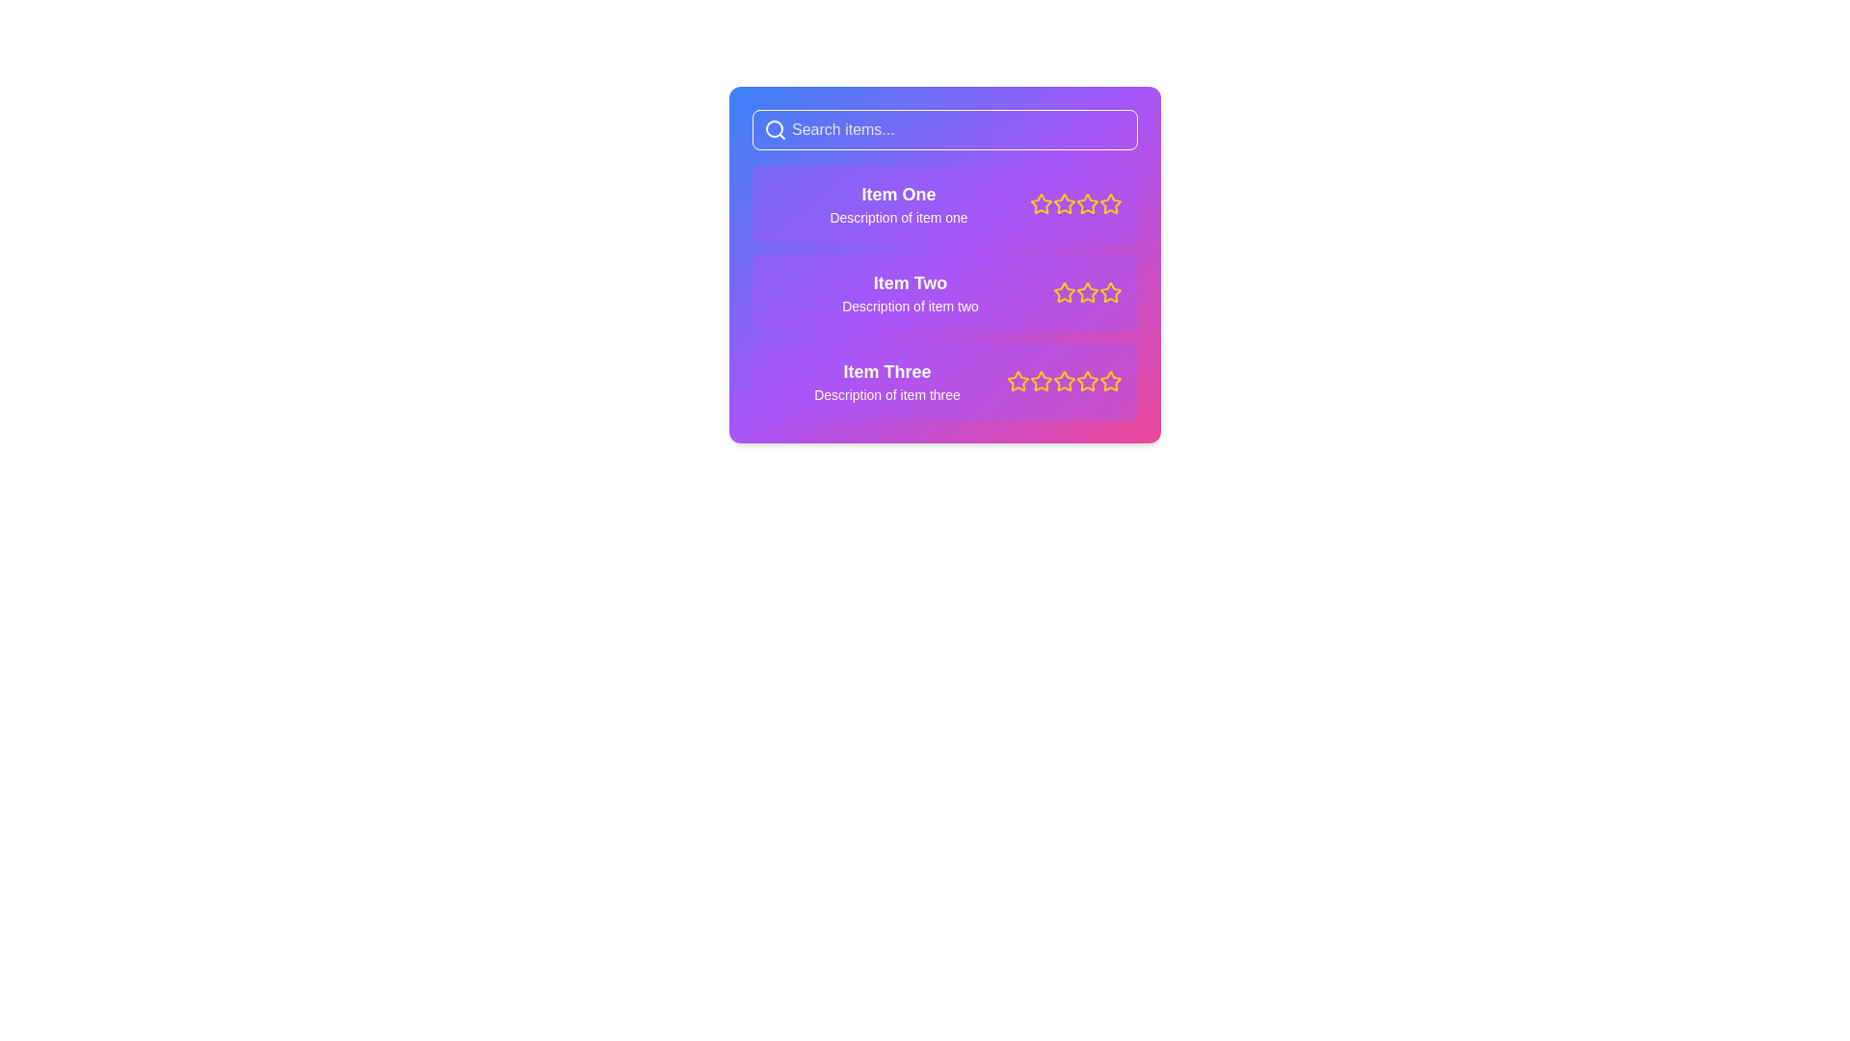 The width and height of the screenshot is (1850, 1041). I want to click on the circular part of the search icon located at the center of the search bar, which is to the left of the placeholder text 'Search items...', so click(775, 129).